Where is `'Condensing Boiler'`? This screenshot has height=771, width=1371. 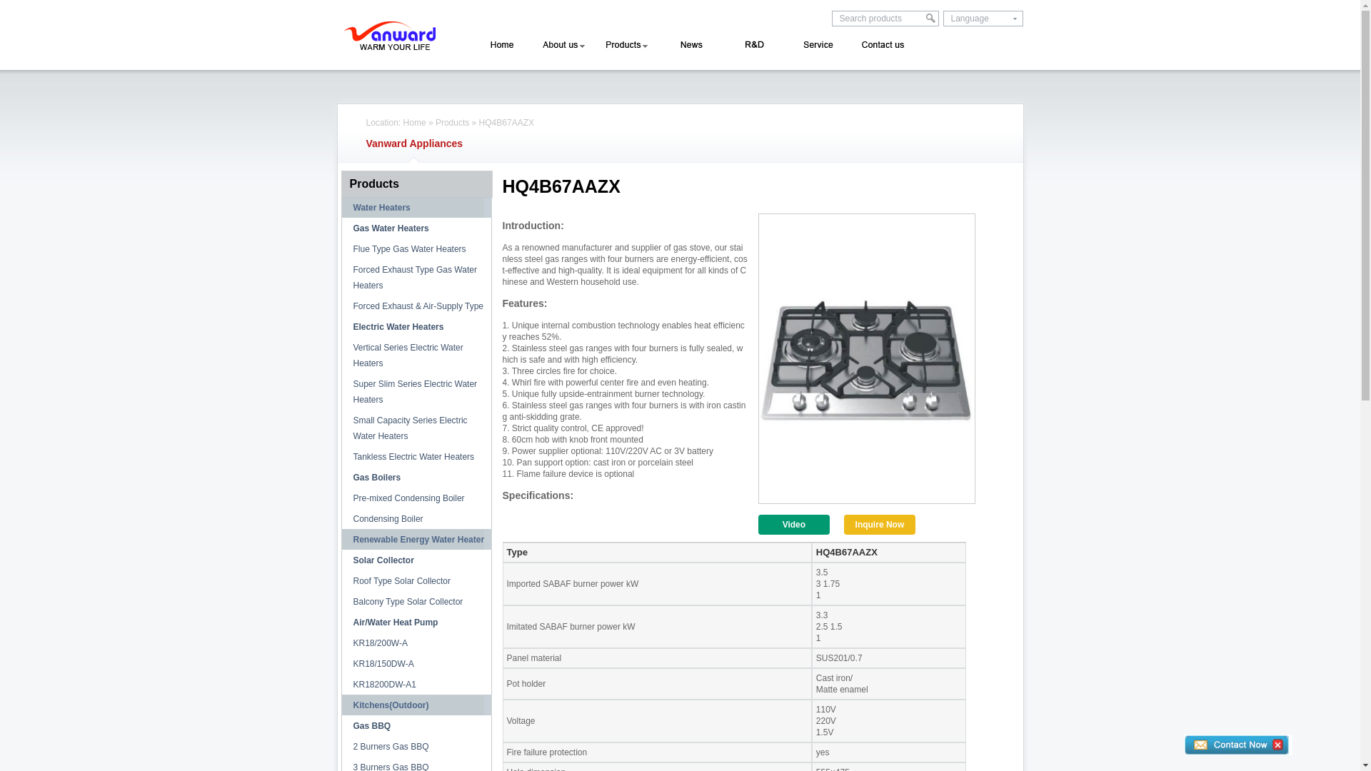
'Condensing Boiler' is located at coordinates (416, 518).